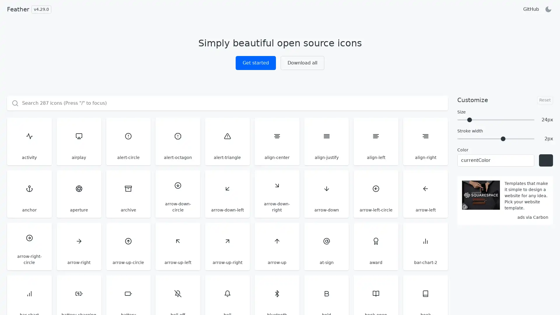  What do you see at coordinates (376, 246) in the screenshot?
I see `award` at bounding box center [376, 246].